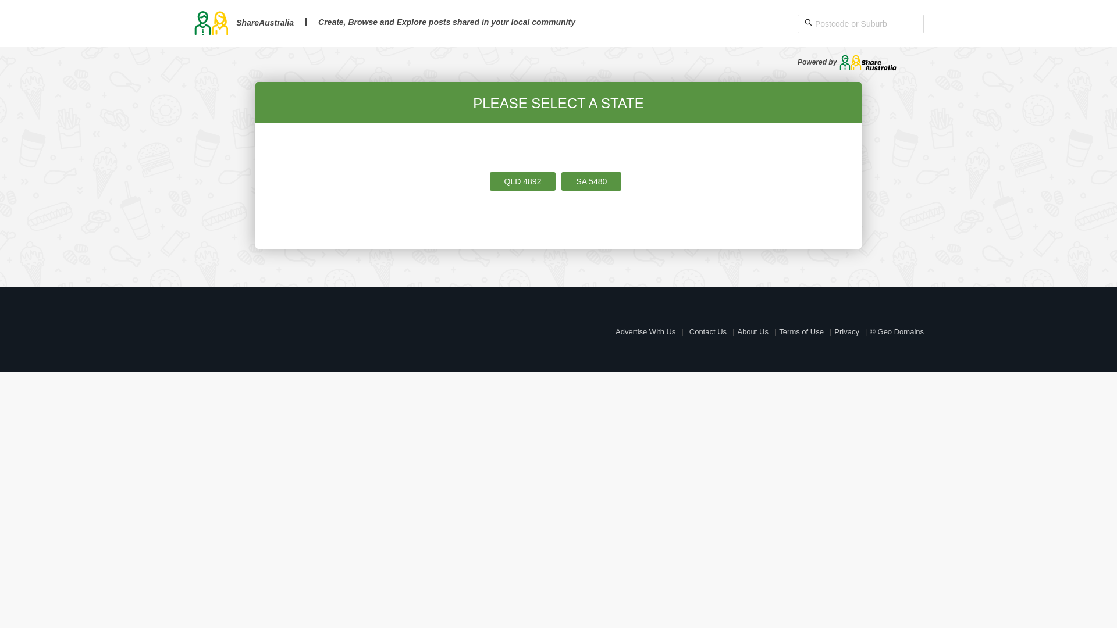  What do you see at coordinates (846, 331) in the screenshot?
I see `'Privacy'` at bounding box center [846, 331].